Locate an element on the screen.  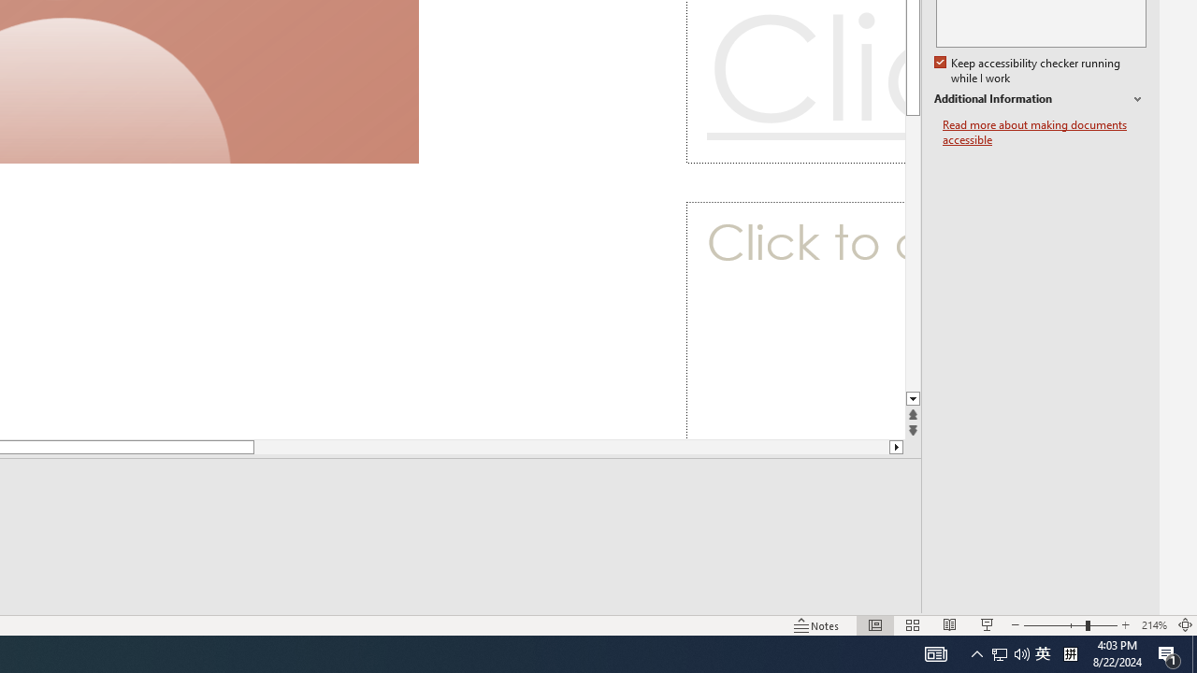
'Subtitle TextBox' is located at coordinates (795, 320).